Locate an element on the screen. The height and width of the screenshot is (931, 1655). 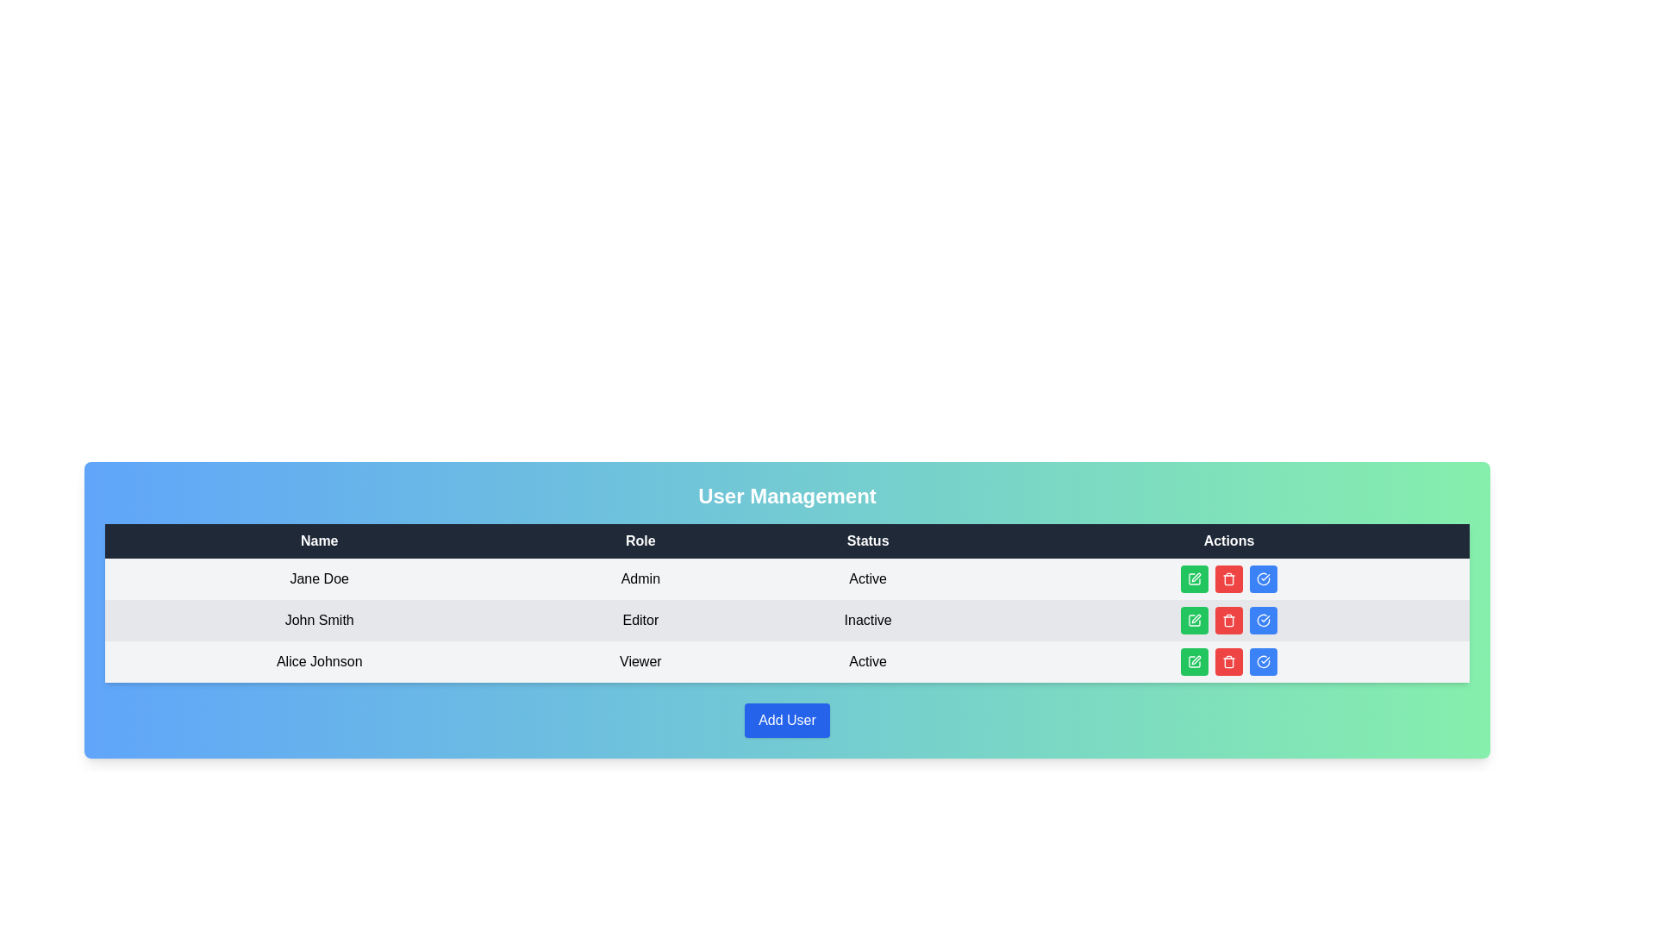
the small red trash can icon button in the 'Actions' column of the user management table for the user 'John Smith' is located at coordinates (1227, 660).